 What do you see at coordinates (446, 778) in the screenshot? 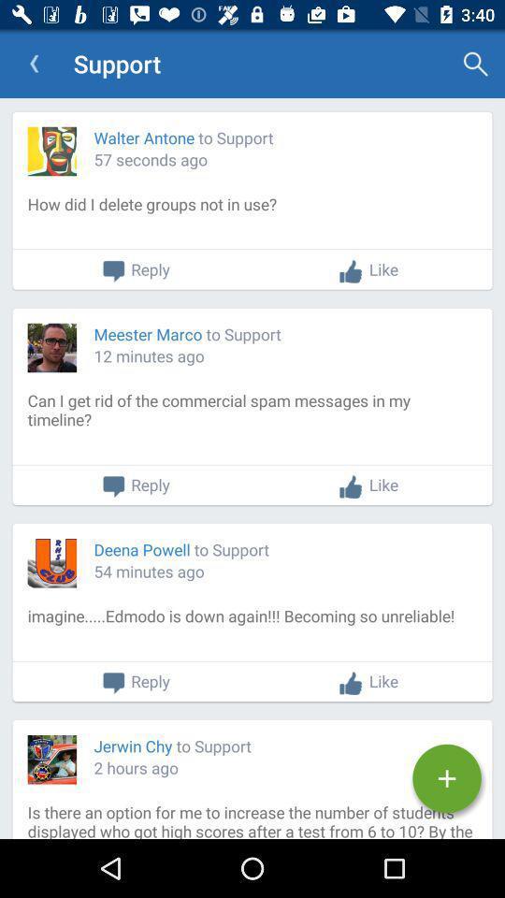
I see `the add icon` at bounding box center [446, 778].